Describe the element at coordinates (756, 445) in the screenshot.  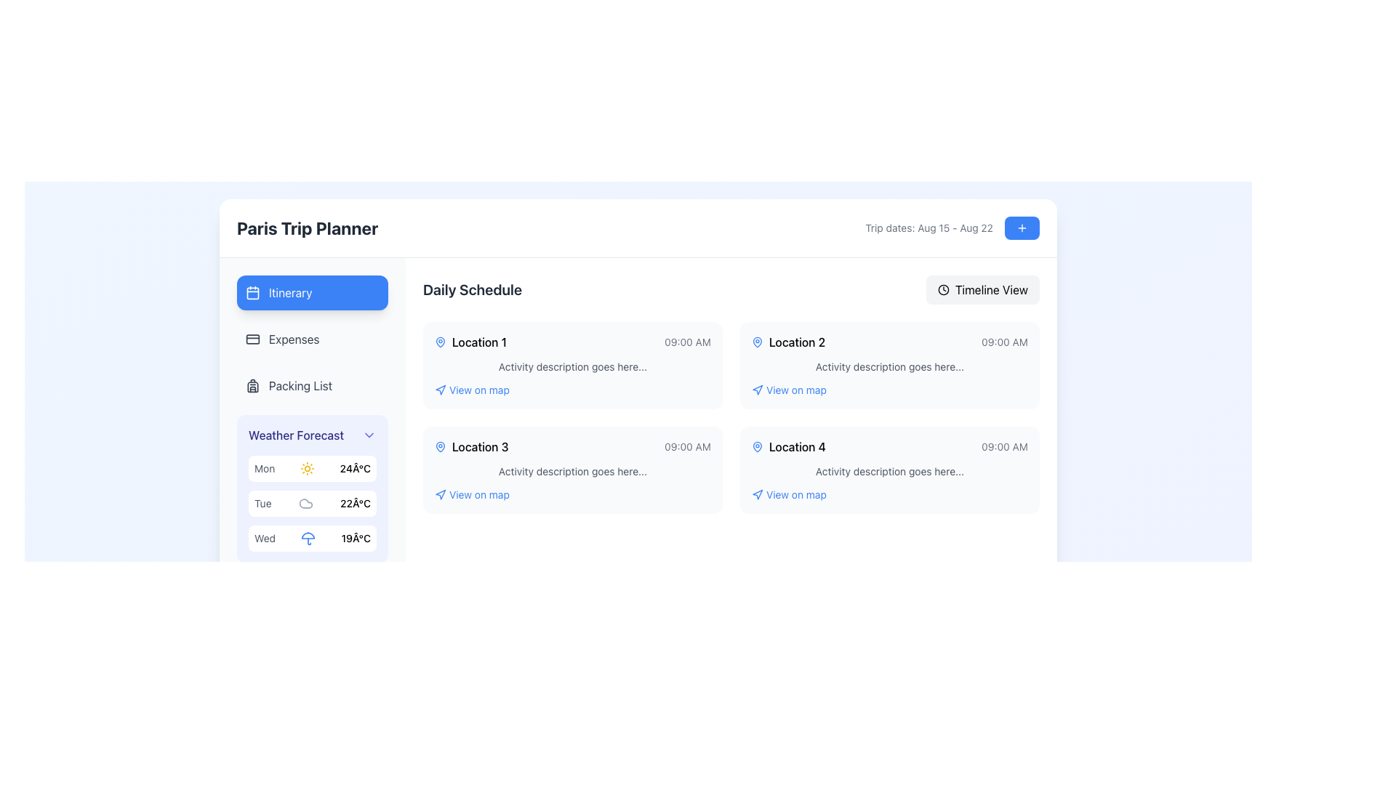
I see `the map pin icon located within the 'Location 4' box under the 'Daily Schedule' section` at that location.